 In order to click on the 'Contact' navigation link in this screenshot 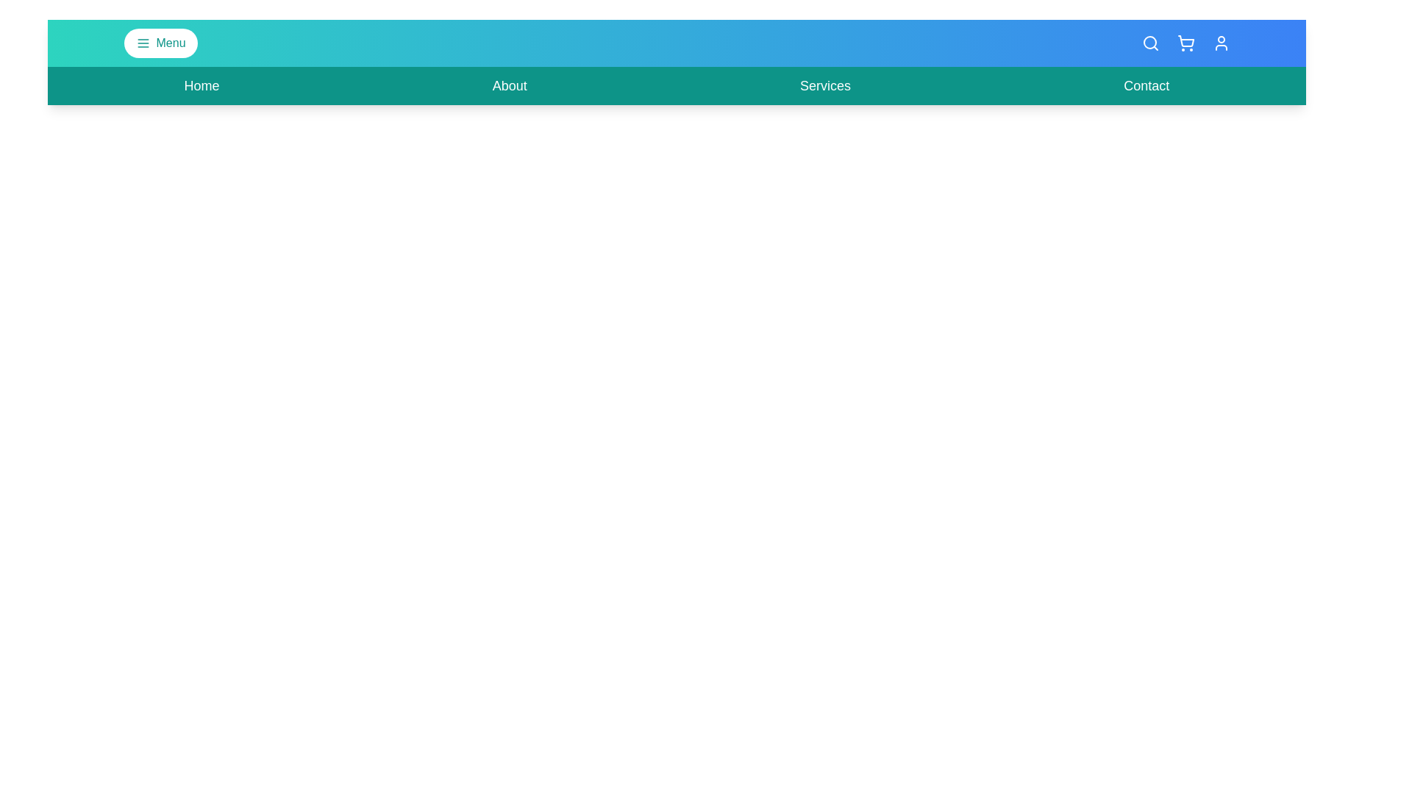, I will do `click(1146, 85)`.